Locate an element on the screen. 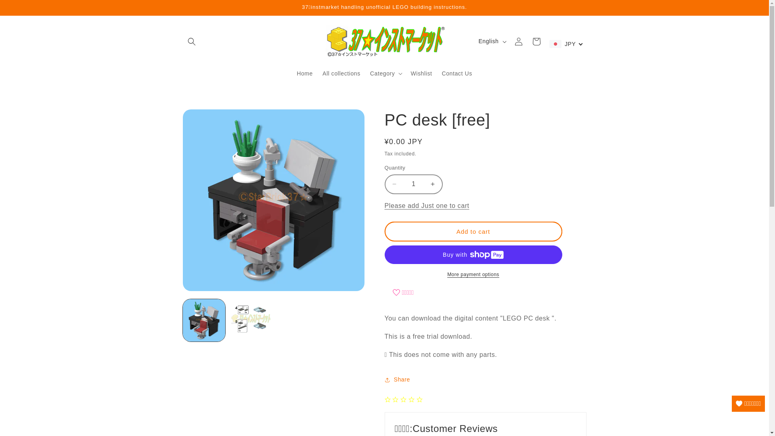 The height and width of the screenshot is (436, 775). 'Please add Just one to cart' is located at coordinates (426, 205).